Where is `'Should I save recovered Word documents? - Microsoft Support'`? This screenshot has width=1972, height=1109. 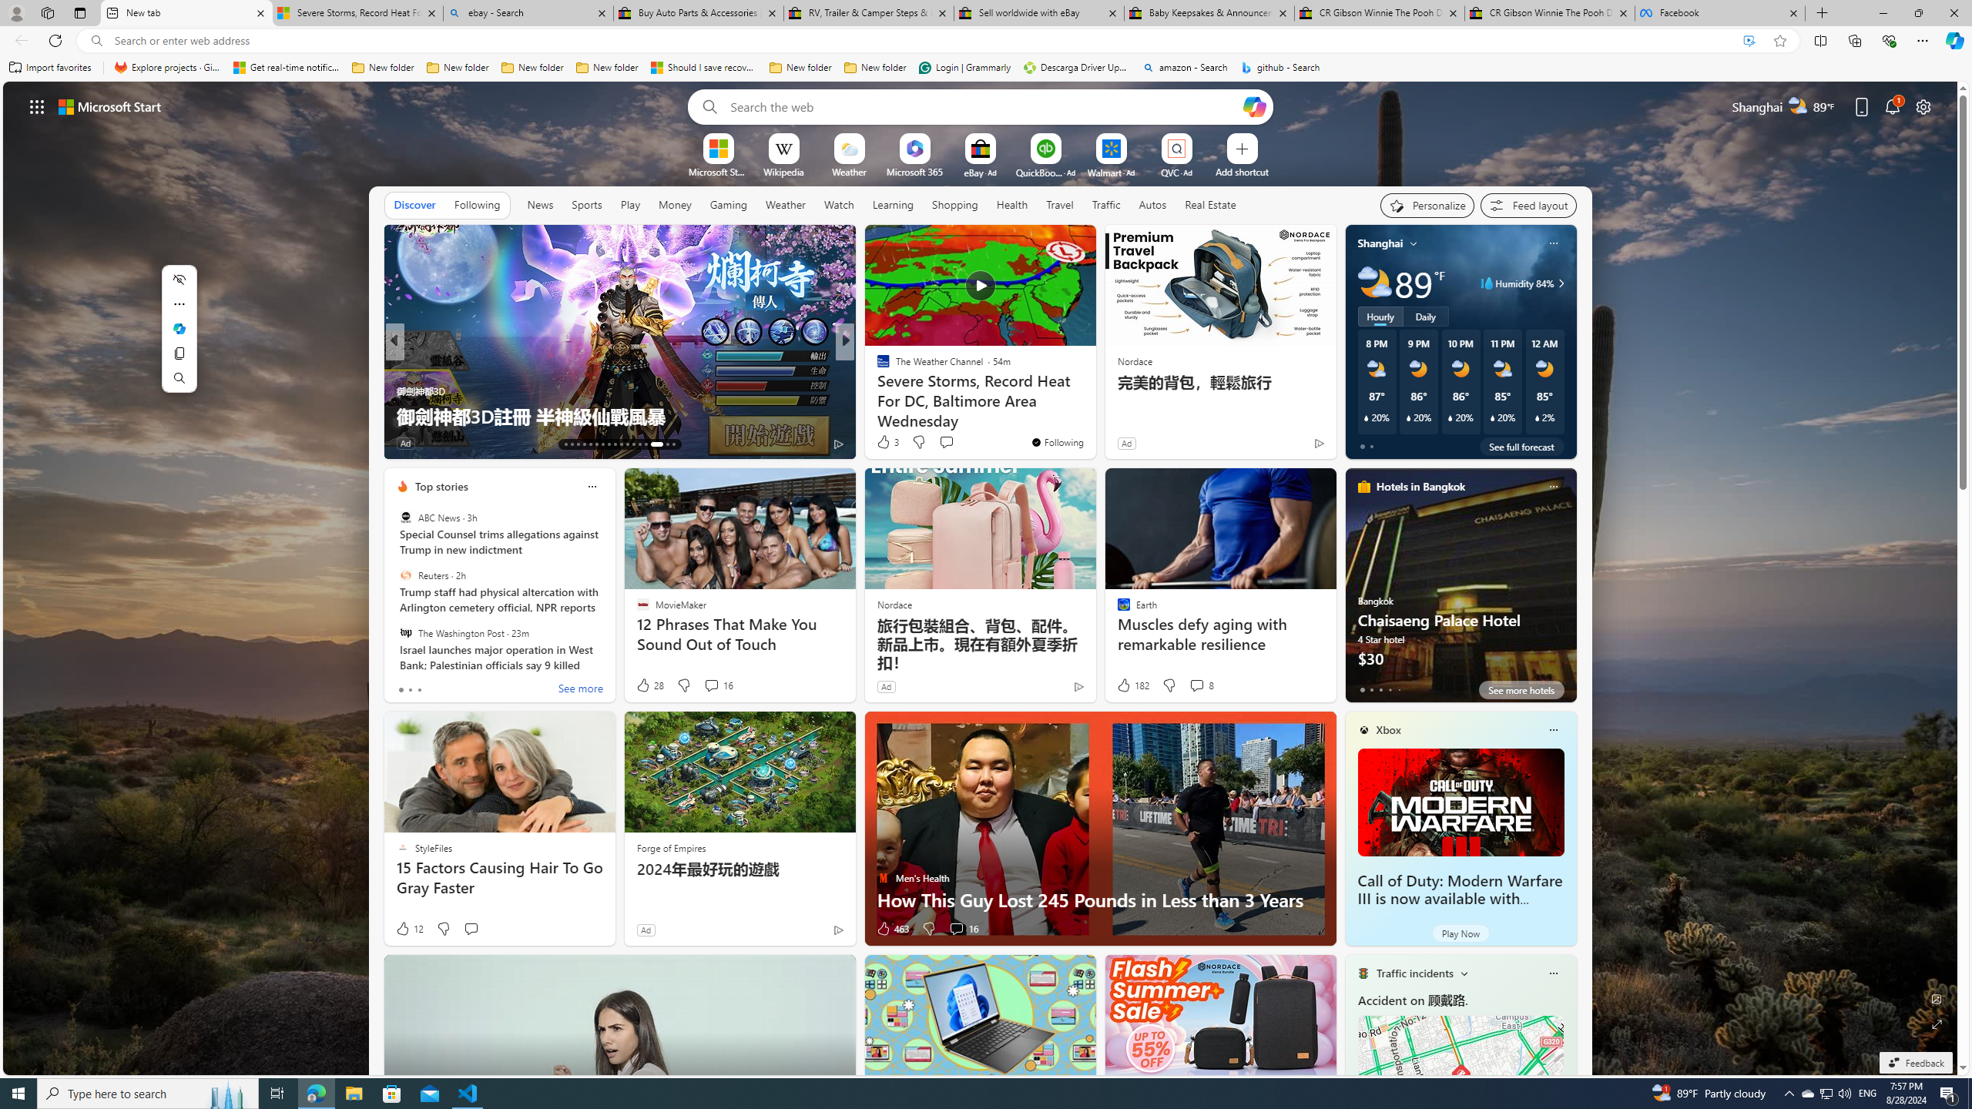 'Should I save recovered Word documents? - Microsoft Support' is located at coordinates (703, 67).